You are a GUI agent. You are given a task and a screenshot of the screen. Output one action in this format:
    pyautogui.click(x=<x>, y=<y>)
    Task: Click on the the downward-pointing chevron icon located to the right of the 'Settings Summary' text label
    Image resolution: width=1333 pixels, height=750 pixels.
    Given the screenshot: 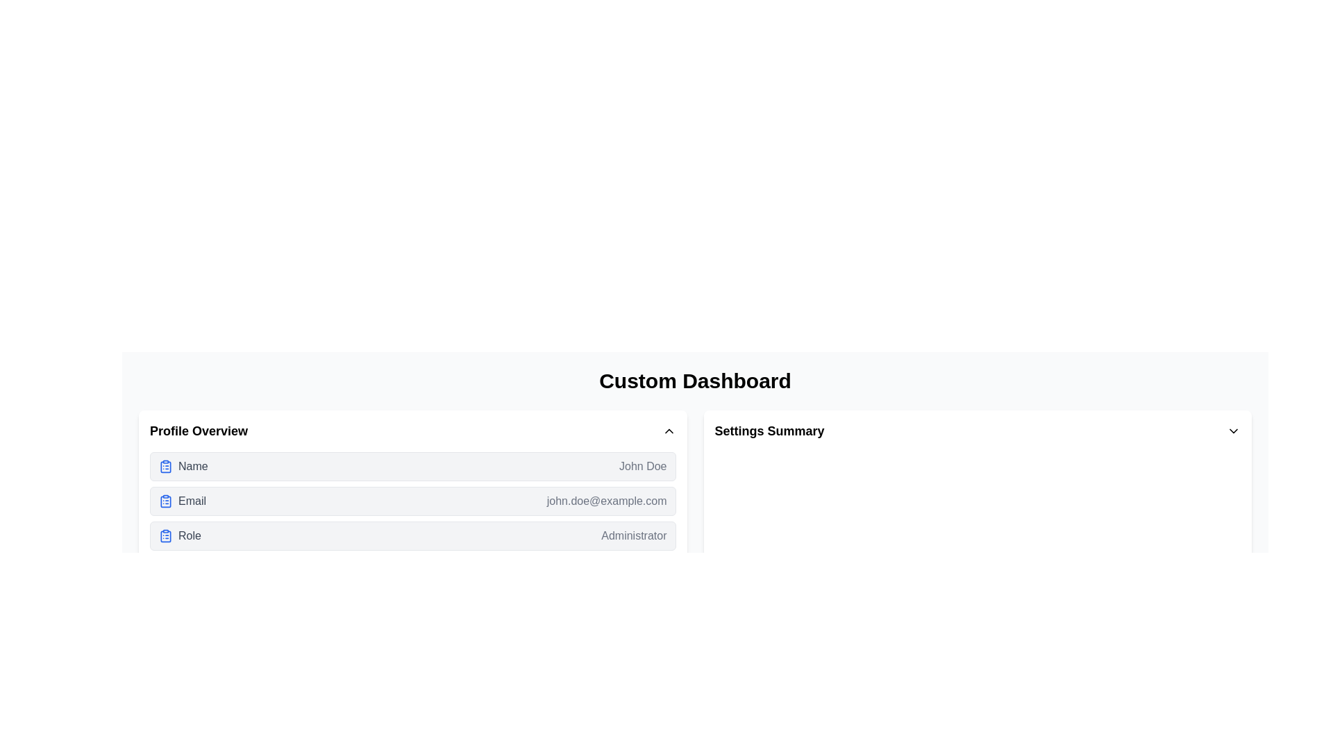 What is the action you would take?
    pyautogui.click(x=1233, y=431)
    